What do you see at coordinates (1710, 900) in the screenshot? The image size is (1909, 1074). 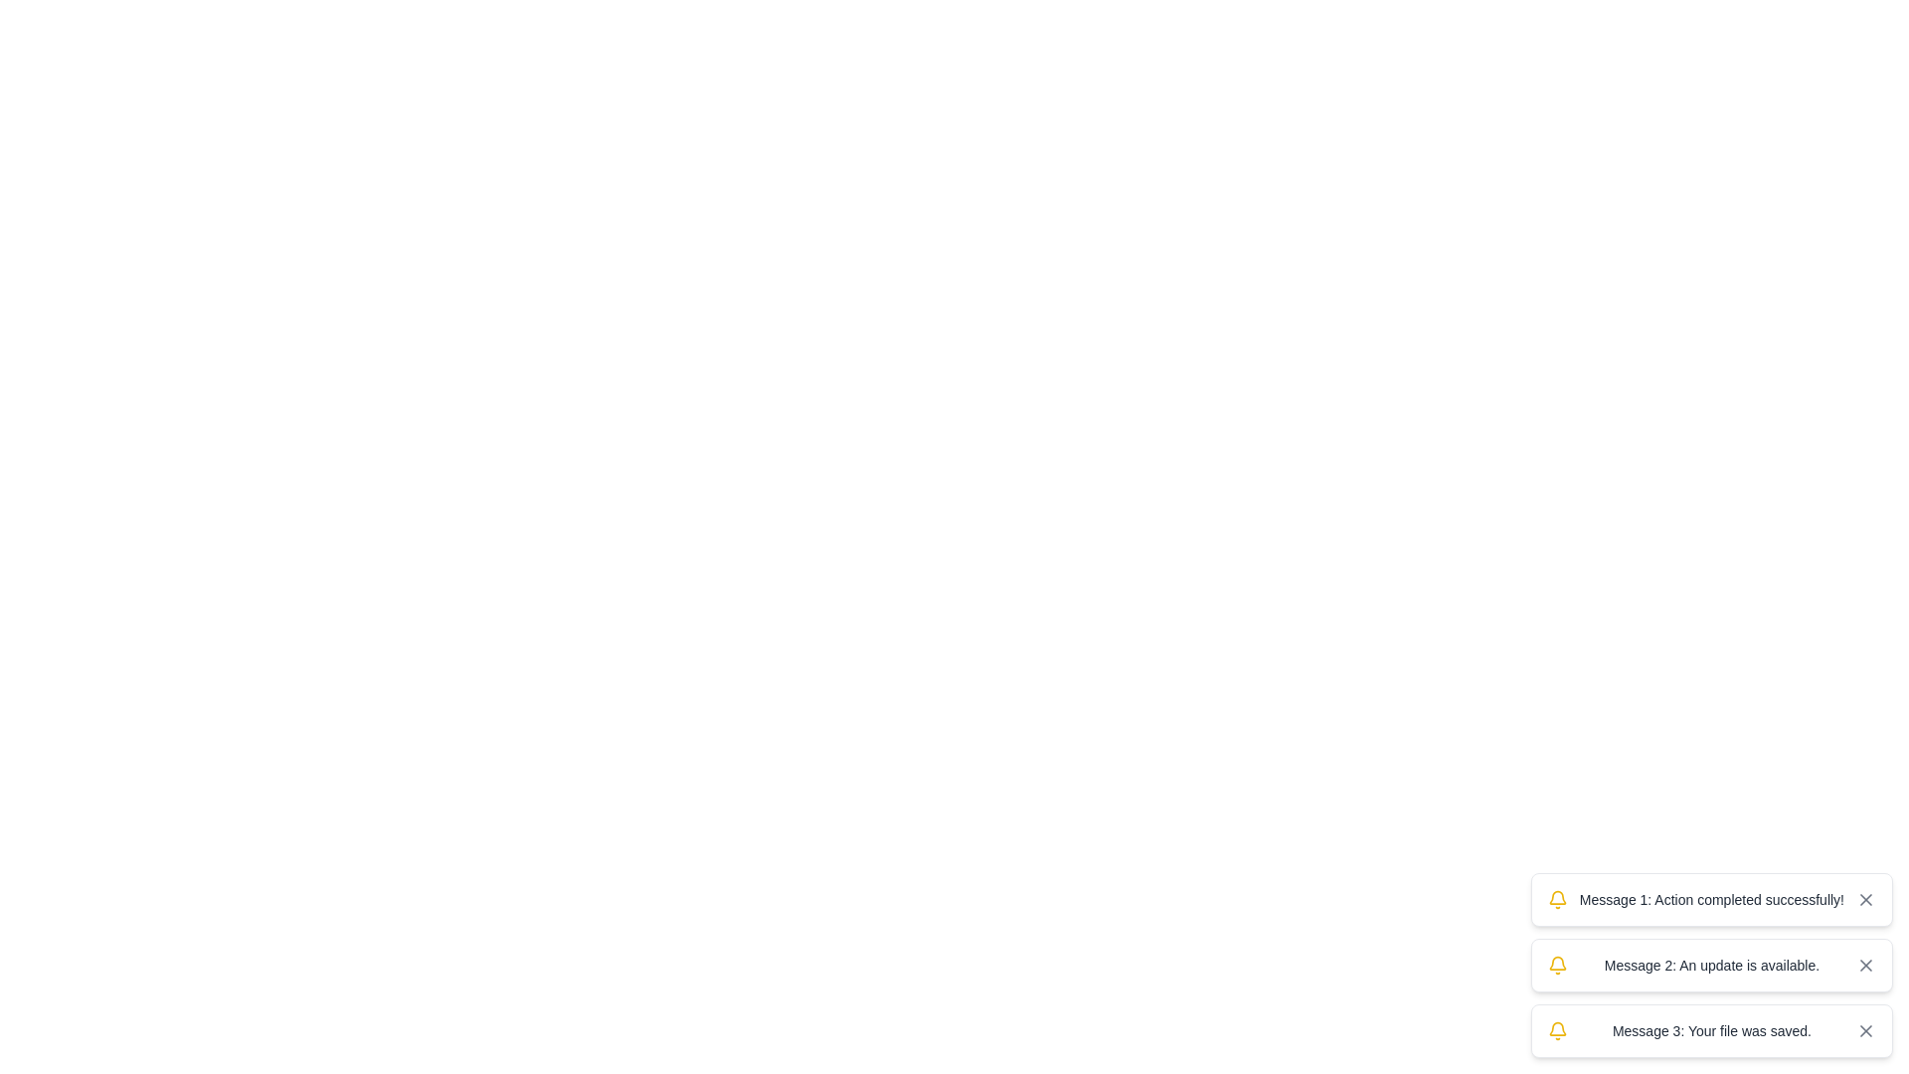 I see `the text label element that displays 'Message 1: Action completed successfully!' which is the primary text content of a notification box` at bounding box center [1710, 900].